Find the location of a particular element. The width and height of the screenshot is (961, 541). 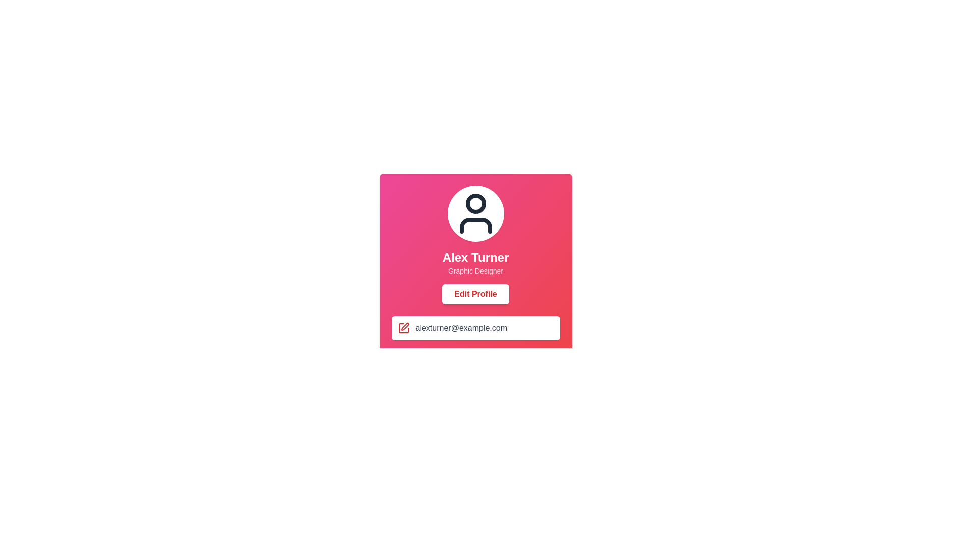

the user profile icon located at the top of the profile card interface, which visually represents the user and is positioned above the text 'Alex Turner' and 'Graphic Designer' is located at coordinates (475, 213).